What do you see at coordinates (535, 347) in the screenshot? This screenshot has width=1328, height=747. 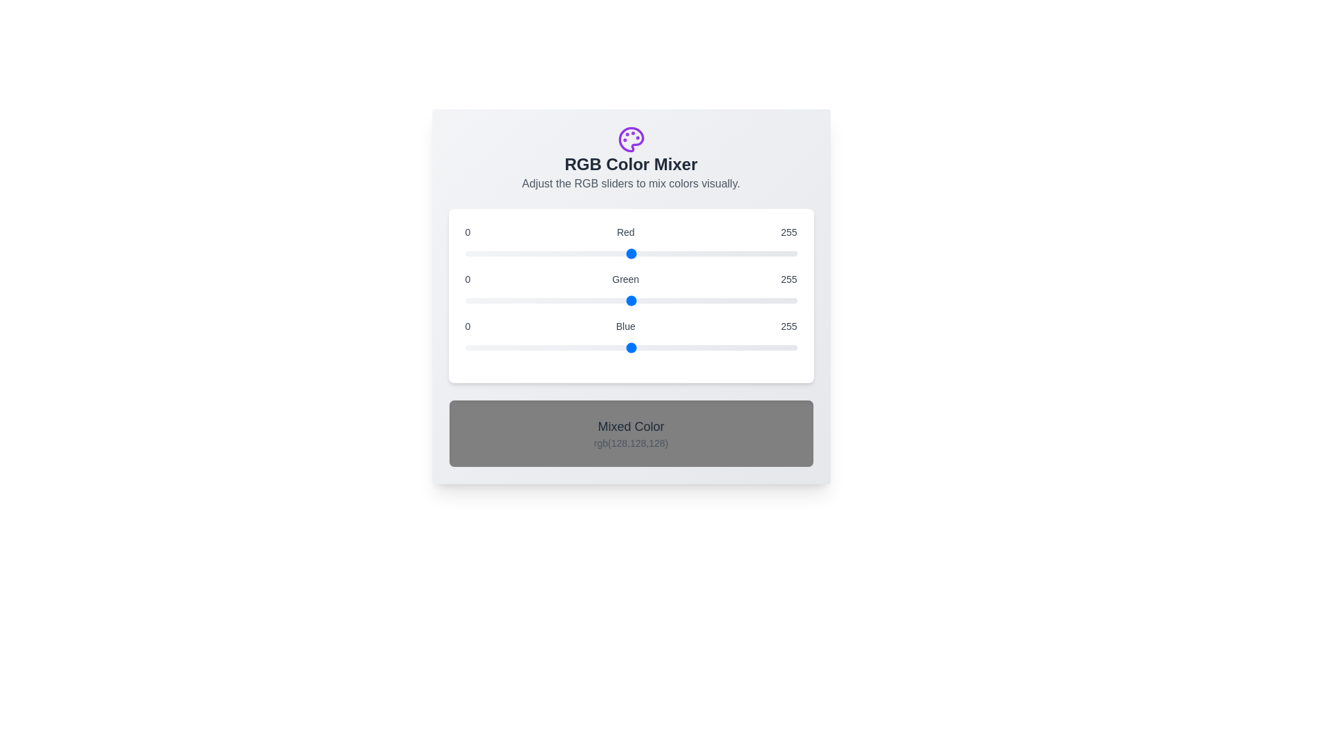 I see `the blue slider to a specific value 54 within the range 0 to 255` at bounding box center [535, 347].